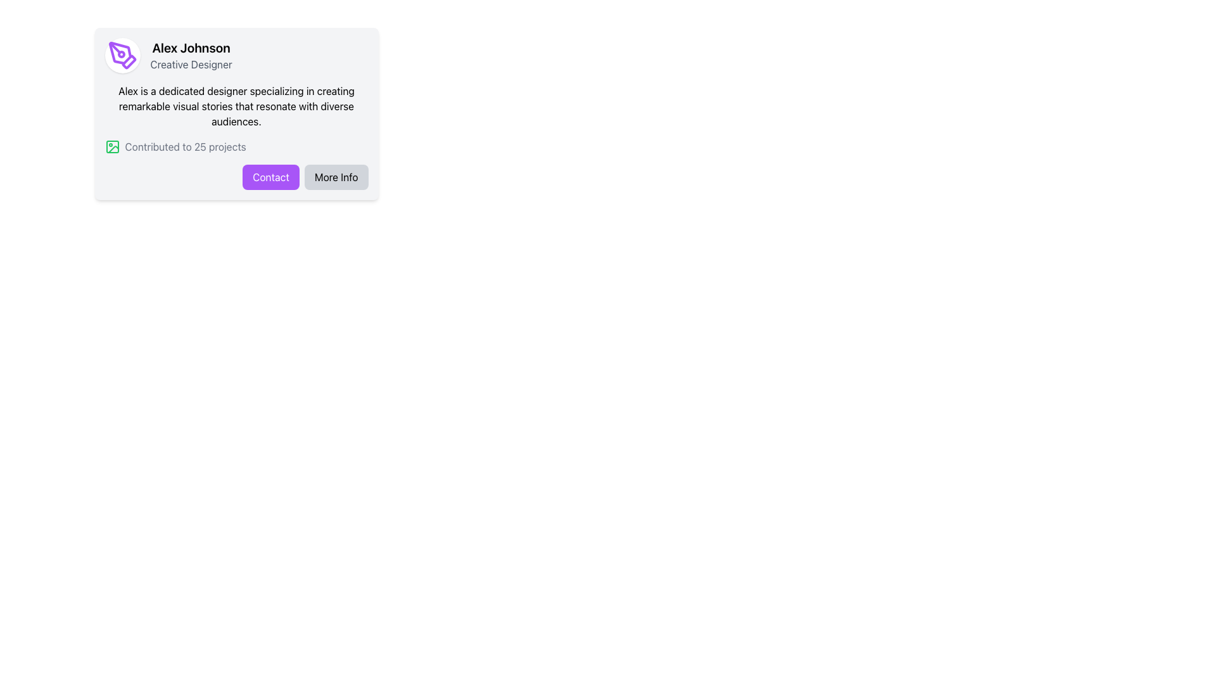 The height and width of the screenshot is (684, 1216). What do you see at coordinates (191, 47) in the screenshot?
I see `the text label that displays the individual's name in the header section of the profile card, located above the subtitle 'Creative Designer'` at bounding box center [191, 47].